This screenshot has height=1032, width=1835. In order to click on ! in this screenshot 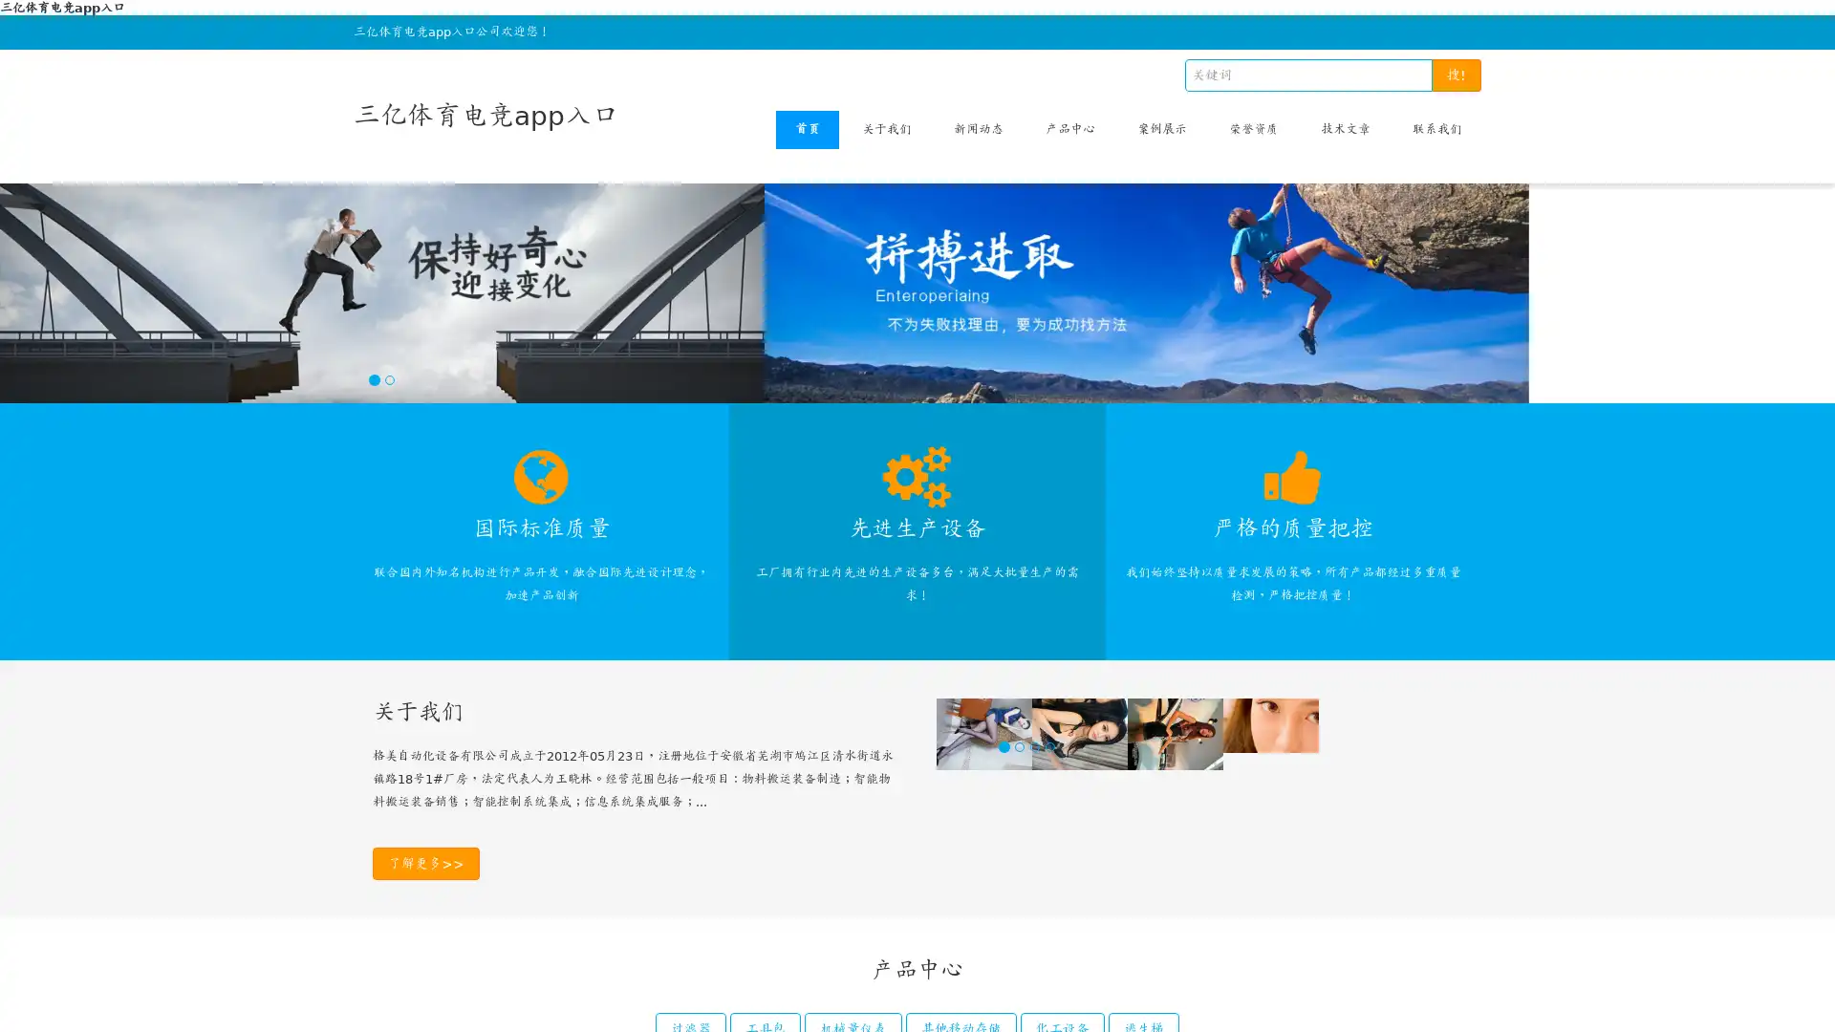, I will do `click(1456, 74)`.